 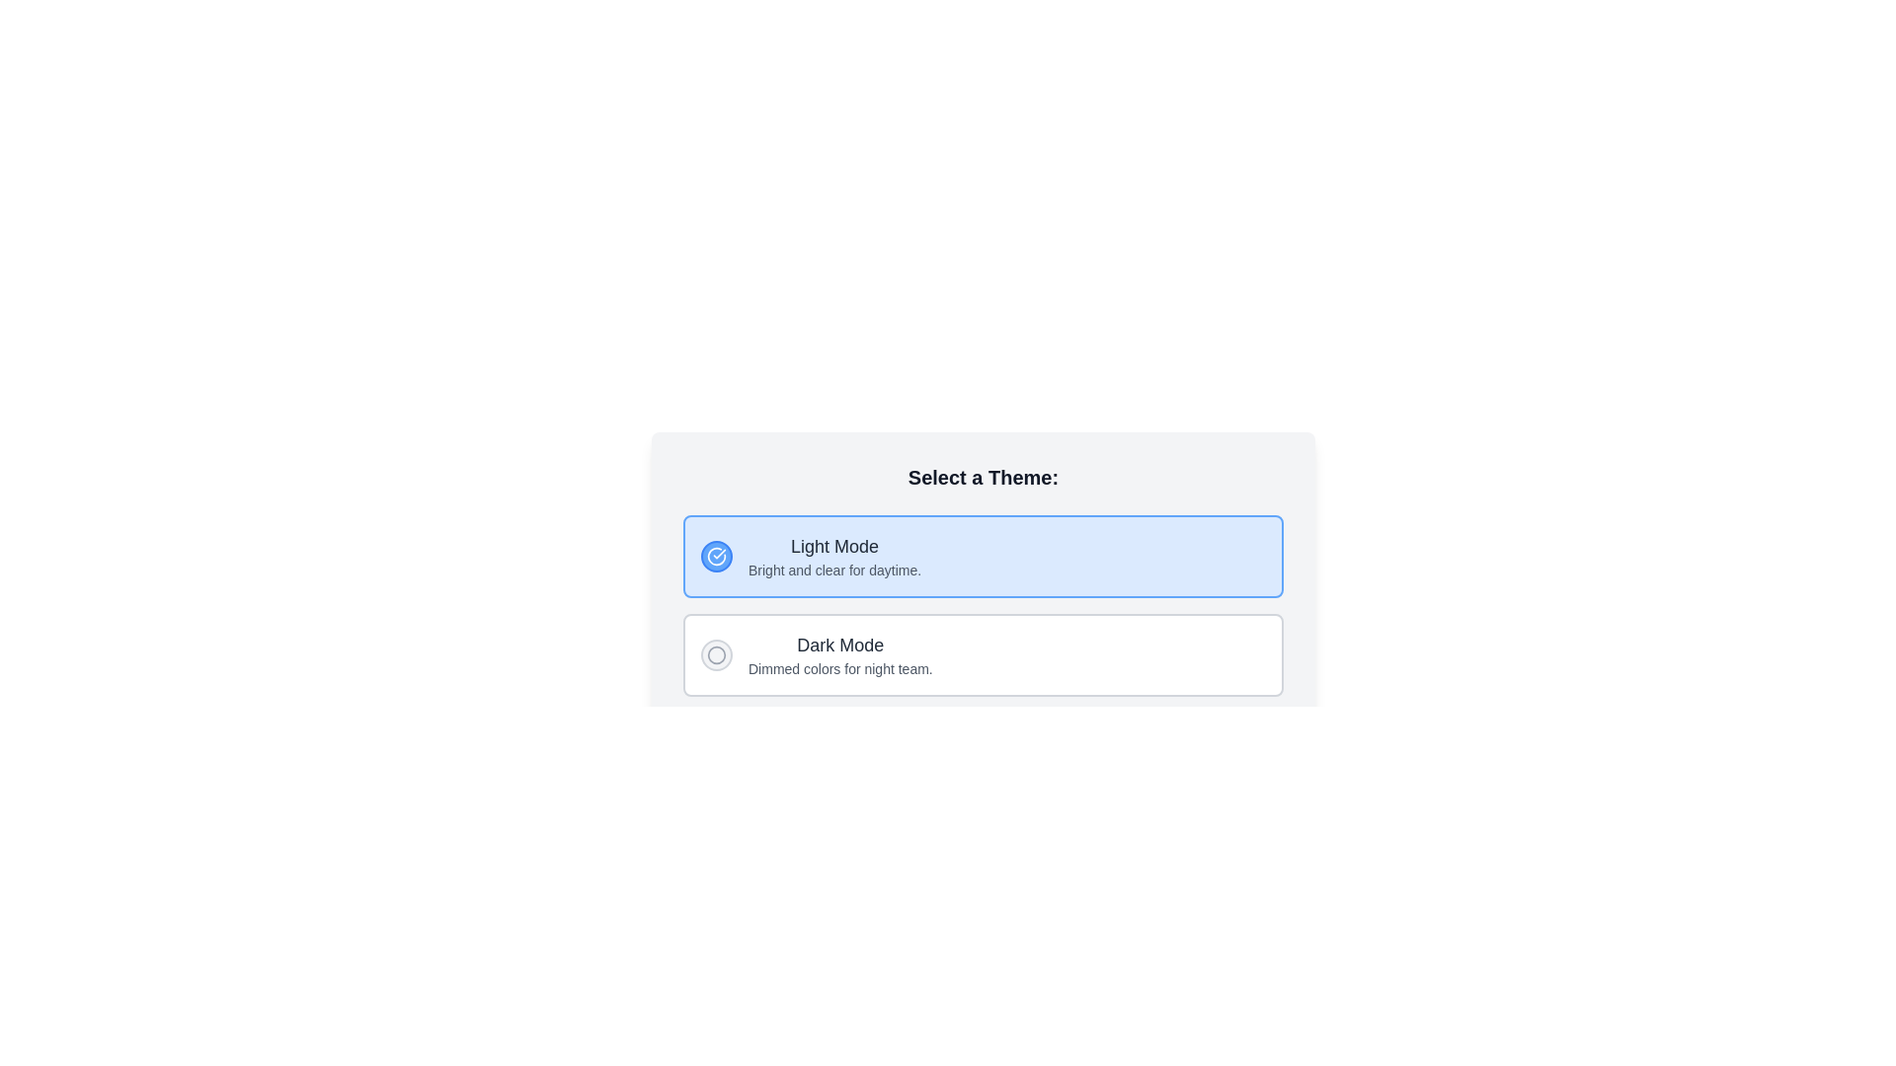 I want to click on the 'Dark Mode' option element, which includes a bold title and a gray circle icon, so click(x=817, y=654).